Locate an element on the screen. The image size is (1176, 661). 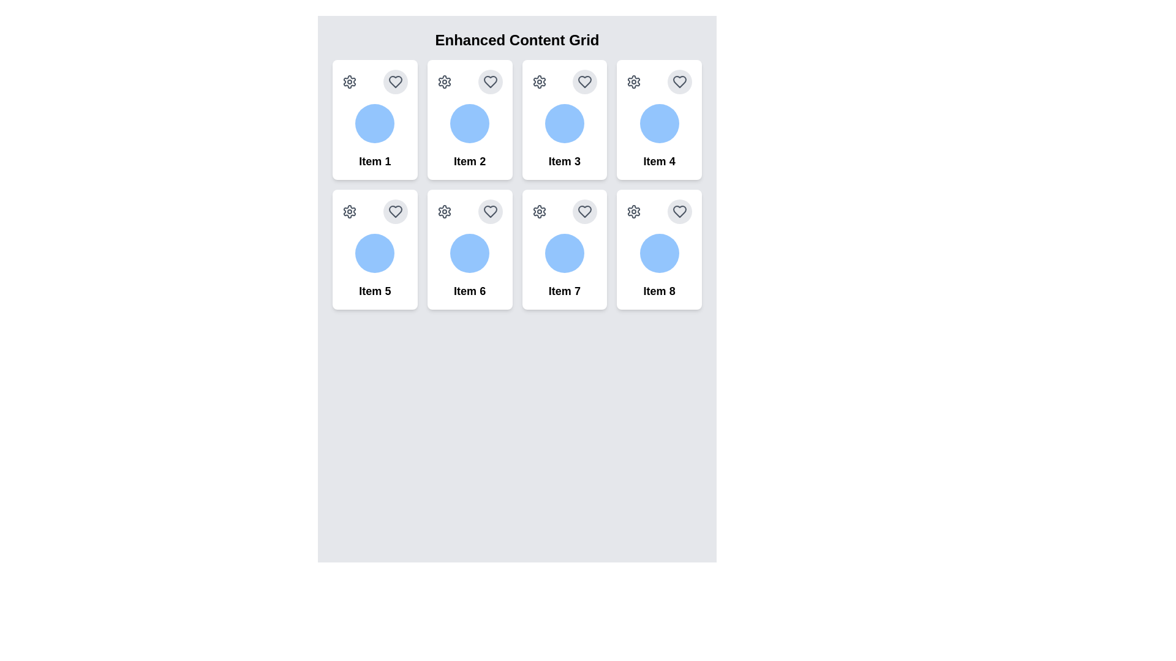
the text label 'Item 7' which is styled with a bold font and located underneath a circular icon in the seventh card of the two-row grid layout is located at coordinates (563, 291).